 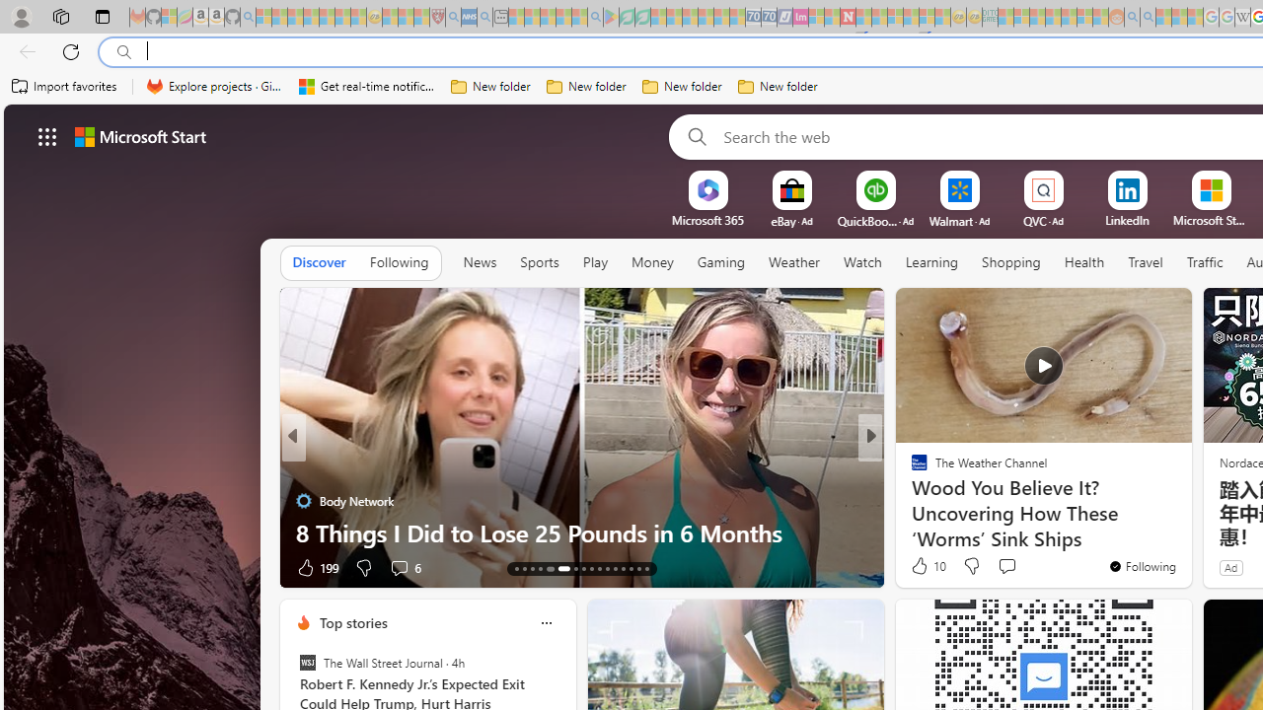 What do you see at coordinates (1006, 567) in the screenshot?
I see `'View comments 10 Comment'` at bounding box center [1006, 567].